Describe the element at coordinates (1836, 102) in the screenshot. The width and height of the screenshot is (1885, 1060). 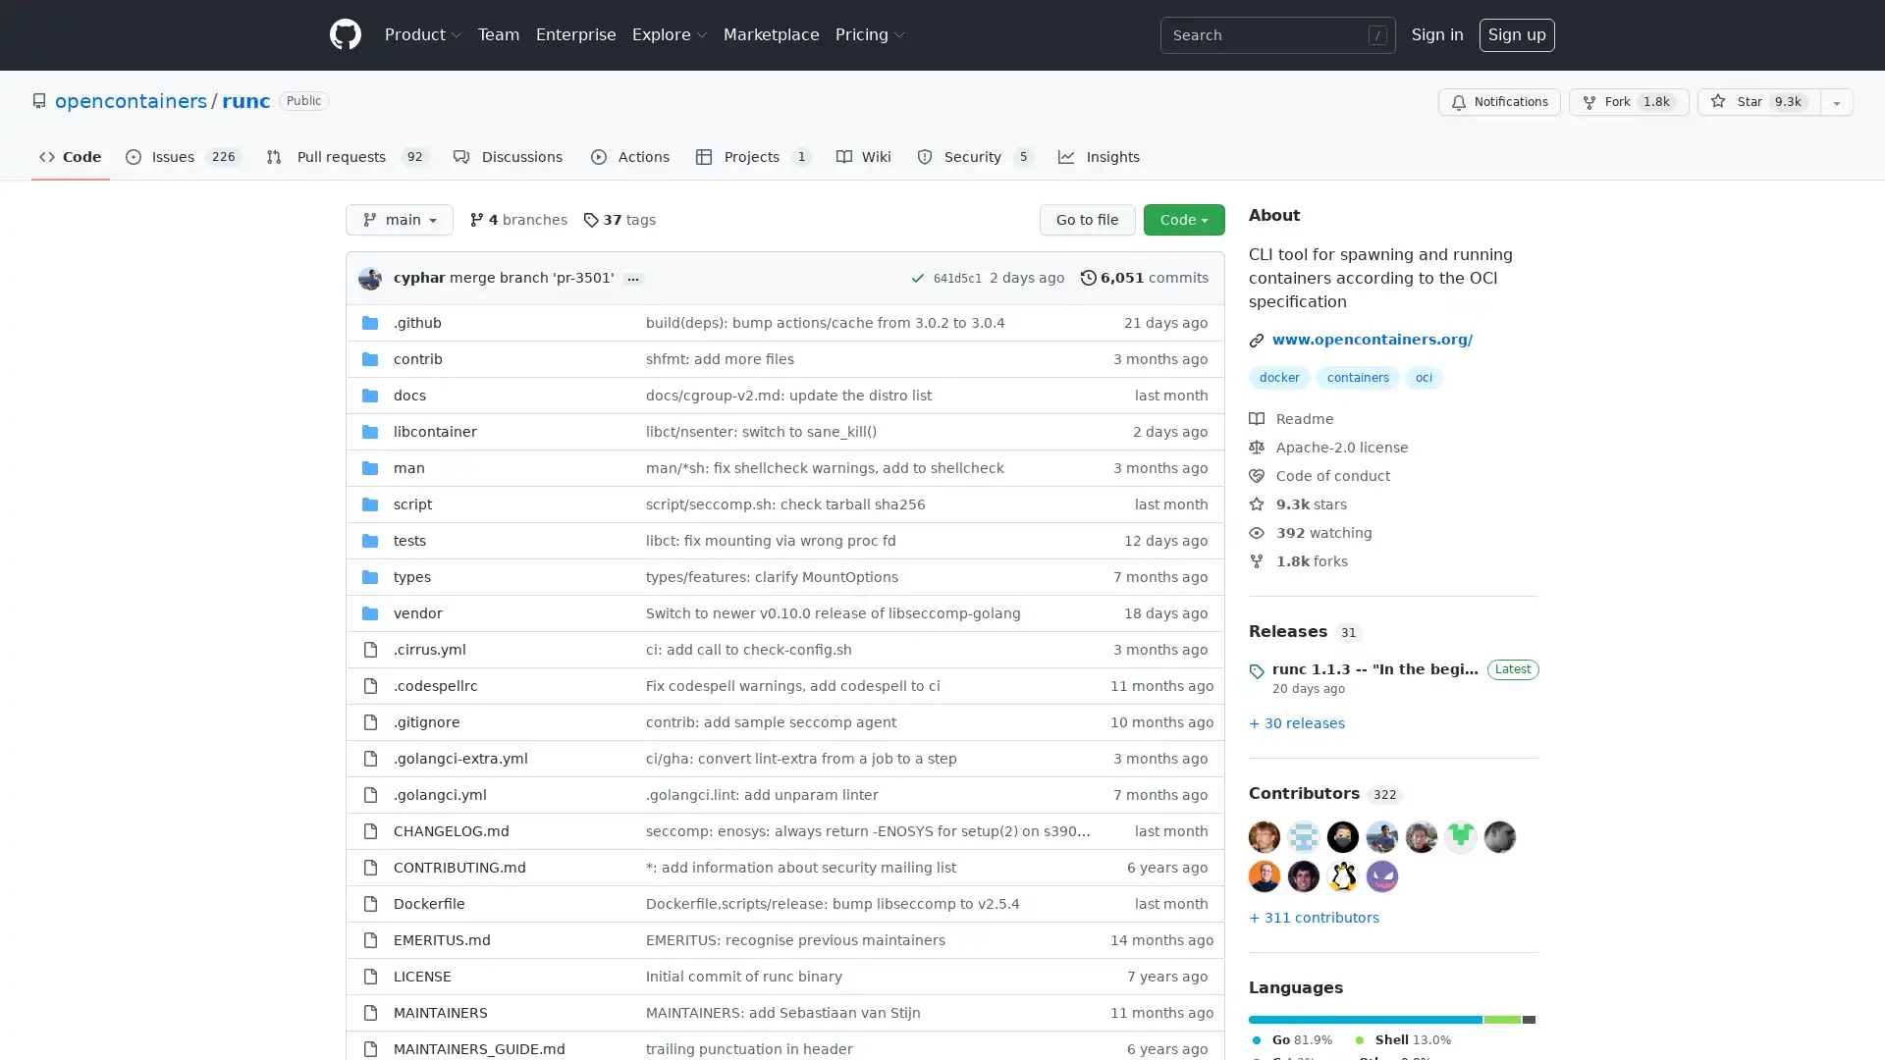
I see `You must be signed in to add this repository to a list` at that location.